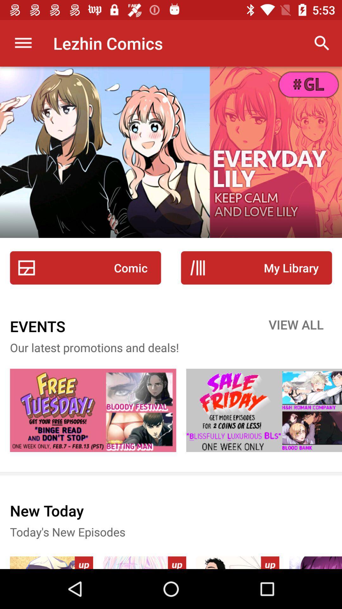  I want to click on the view all item, so click(296, 326).